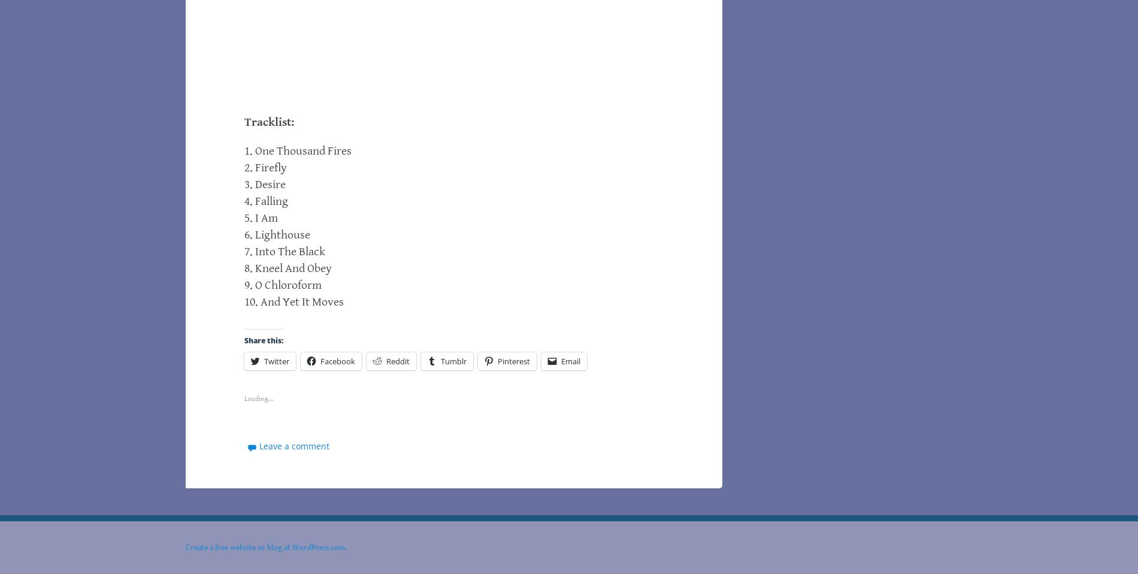 The width and height of the screenshot is (1138, 574). What do you see at coordinates (263, 340) in the screenshot?
I see `'Share this:'` at bounding box center [263, 340].